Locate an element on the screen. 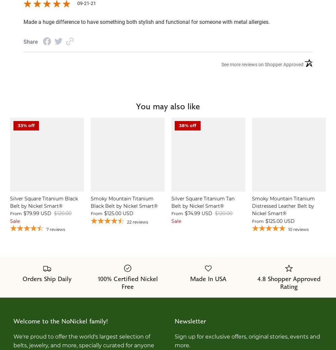 The height and width of the screenshot is (350, 336). 'Made a huge difference to have something both stylish and functional for someone with metal allergies.' is located at coordinates (146, 22).